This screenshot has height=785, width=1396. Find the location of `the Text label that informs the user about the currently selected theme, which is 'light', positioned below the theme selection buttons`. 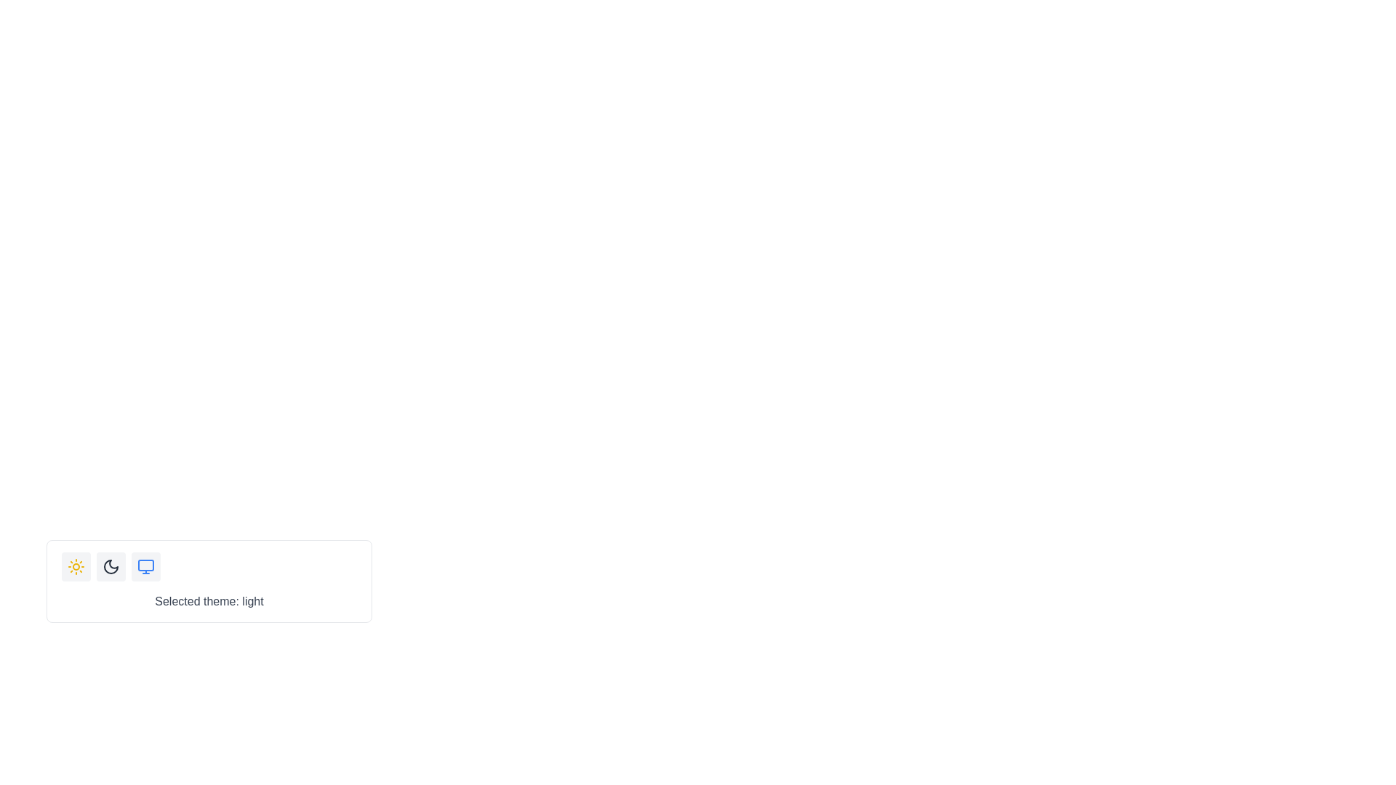

the Text label that informs the user about the currently selected theme, which is 'light', positioned below the theme selection buttons is located at coordinates (209, 602).